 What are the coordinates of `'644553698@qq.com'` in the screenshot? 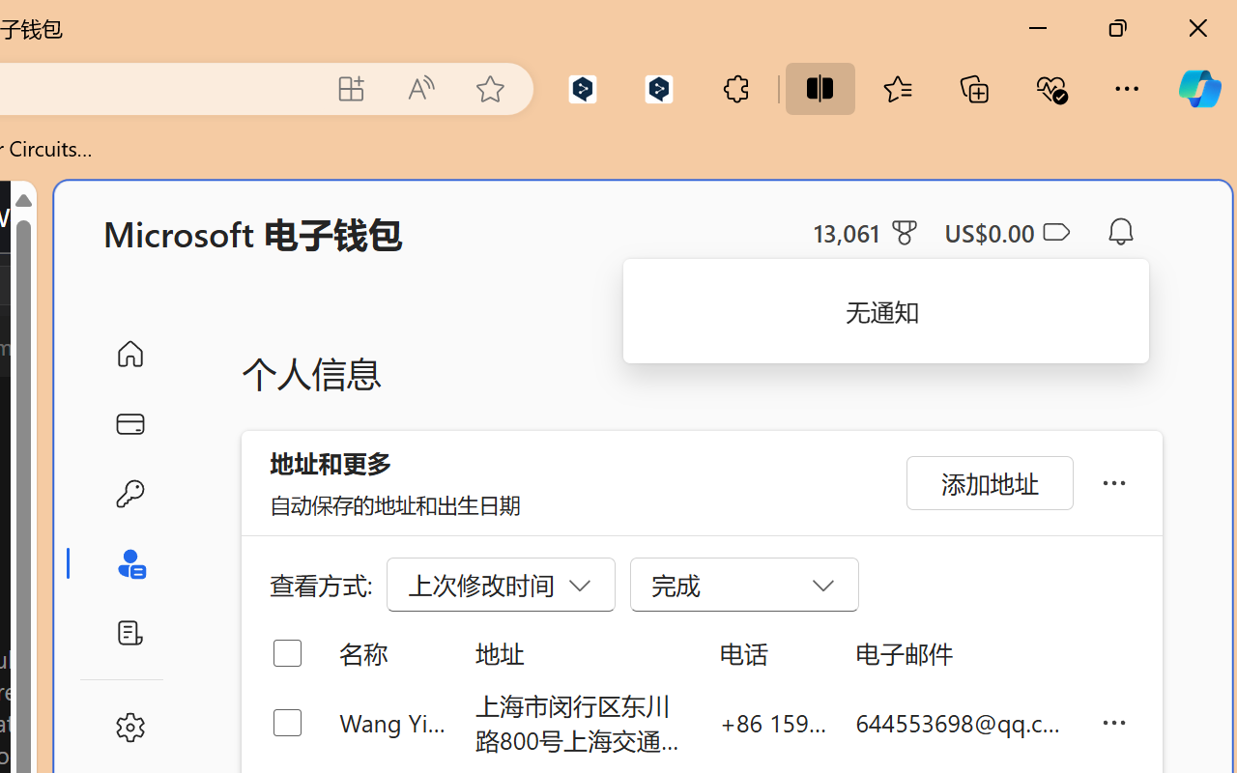 It's located at (963, 722).